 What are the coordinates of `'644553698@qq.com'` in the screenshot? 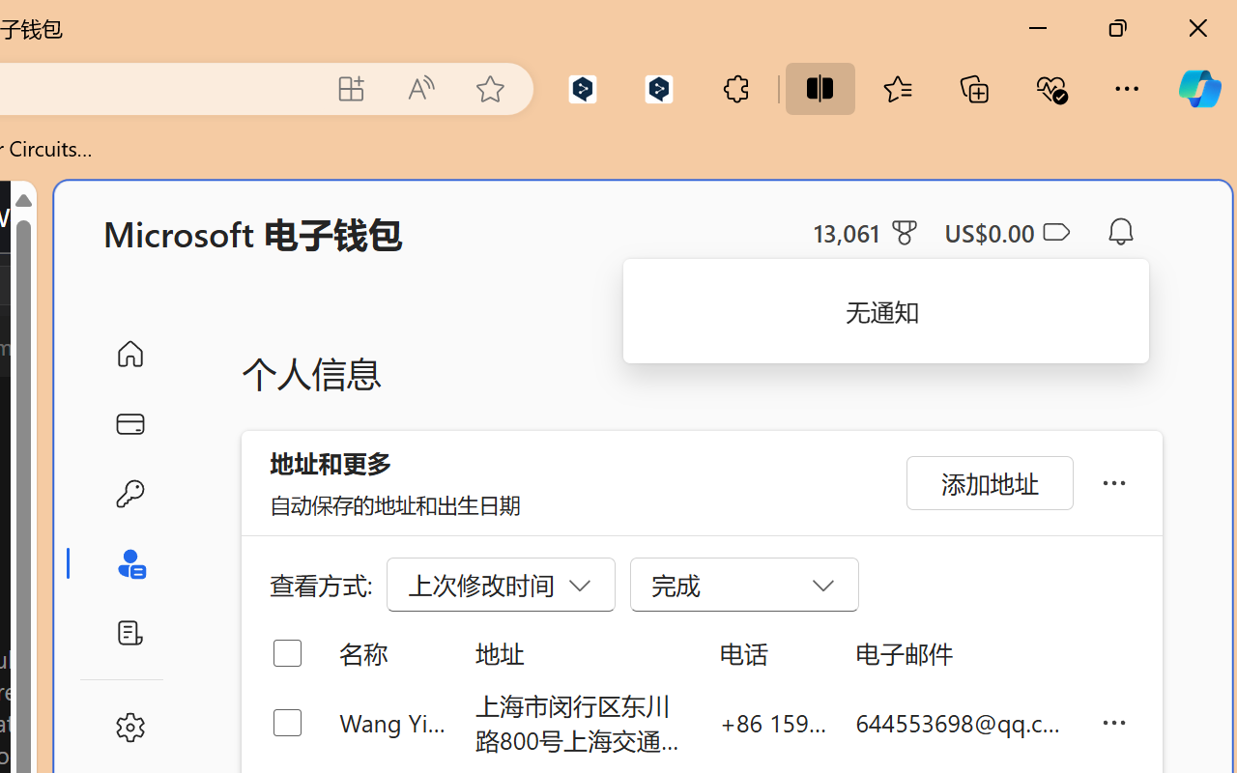 It's located at (963, 722).